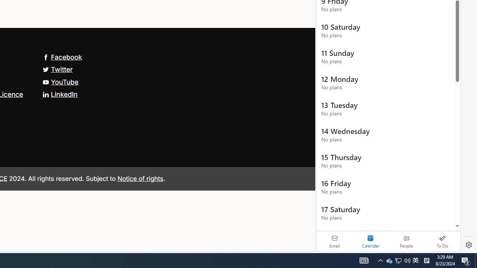 The width and height of the screenshot is (477, 268). Describe the element at coordinates (442, 241) in the screenshot. I see `'To Do'` at that location.